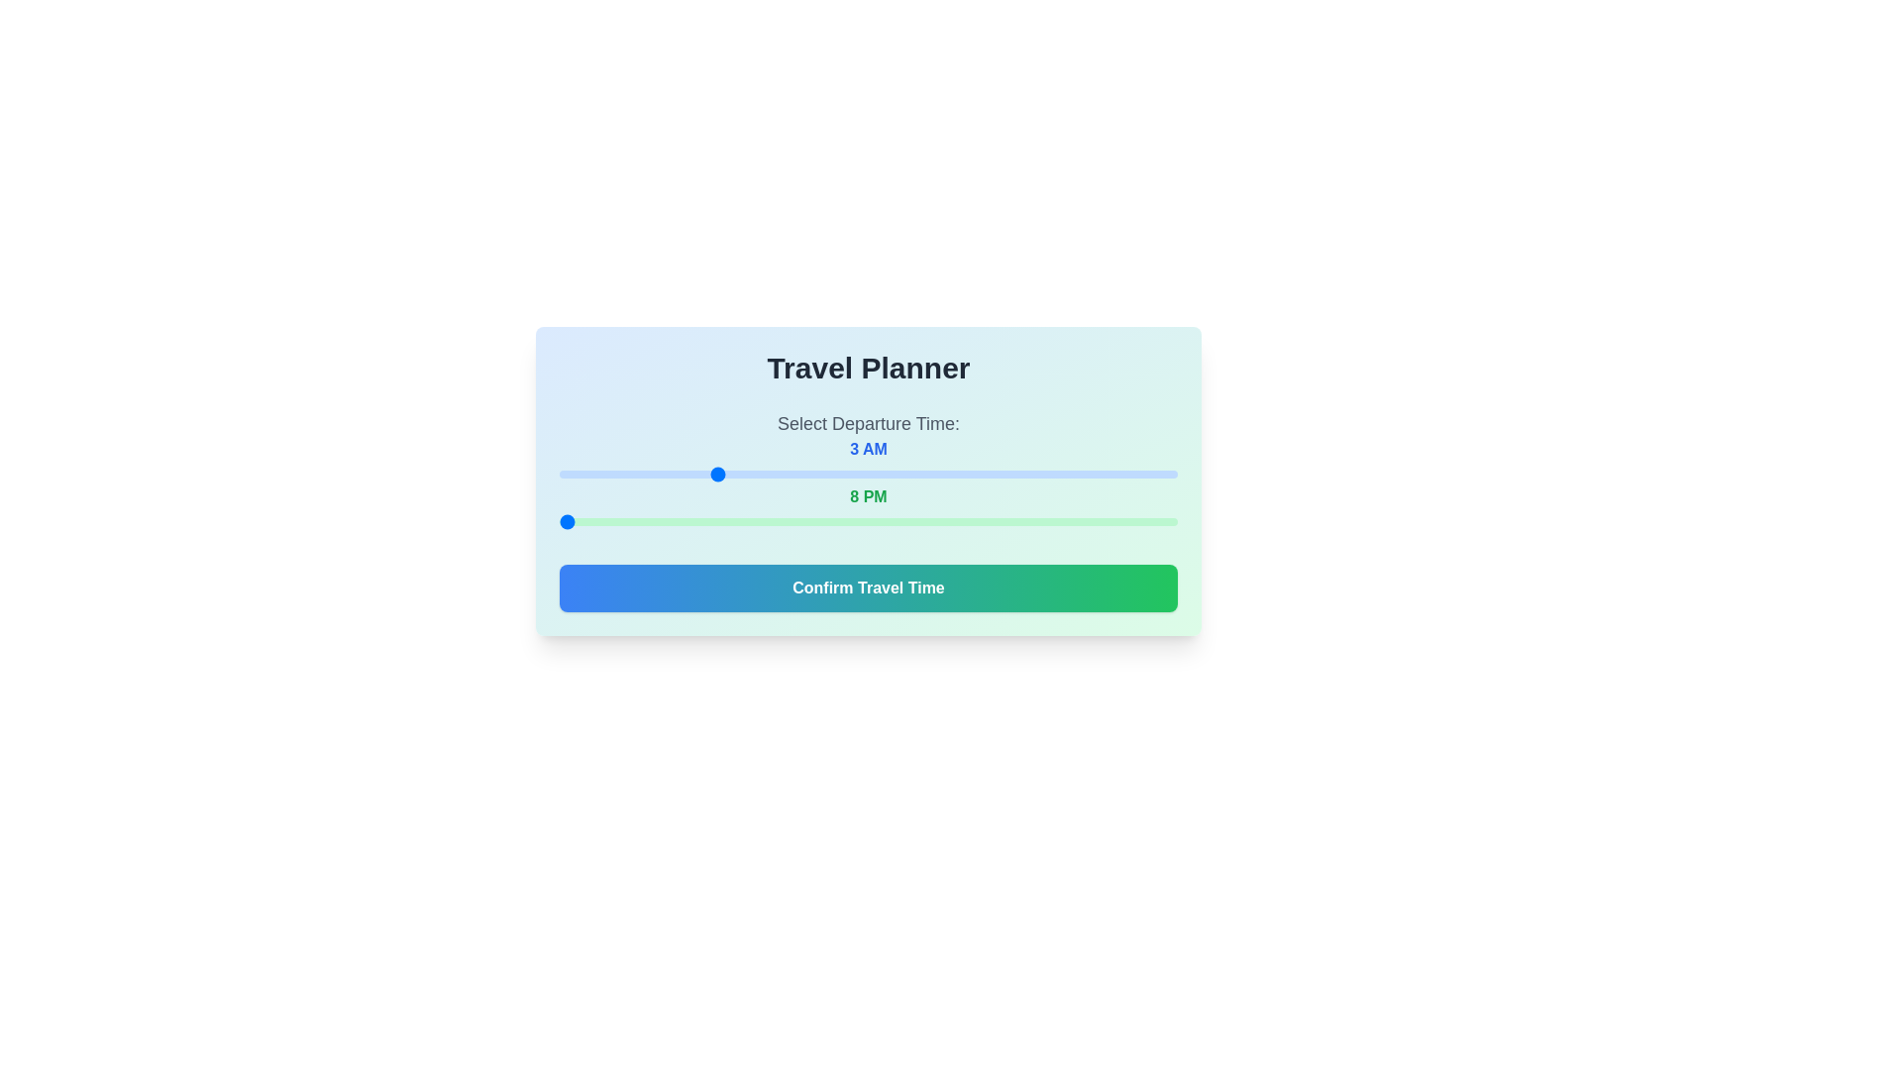  I want to click on departure time, so click(713, 474).